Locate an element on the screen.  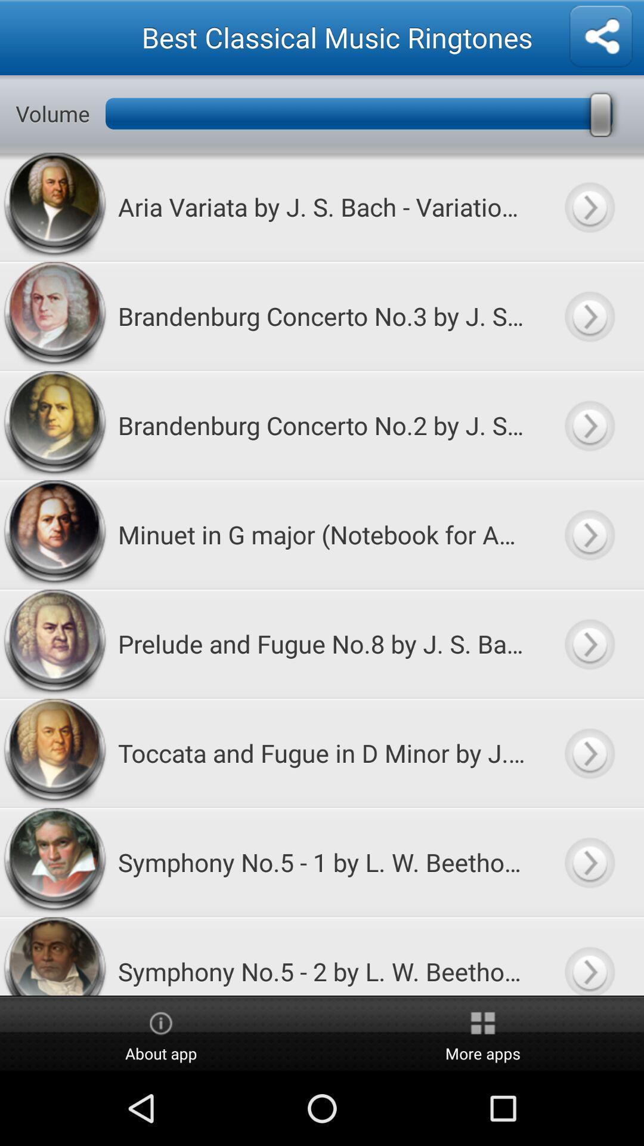
more is located at coordinates (589, 207).